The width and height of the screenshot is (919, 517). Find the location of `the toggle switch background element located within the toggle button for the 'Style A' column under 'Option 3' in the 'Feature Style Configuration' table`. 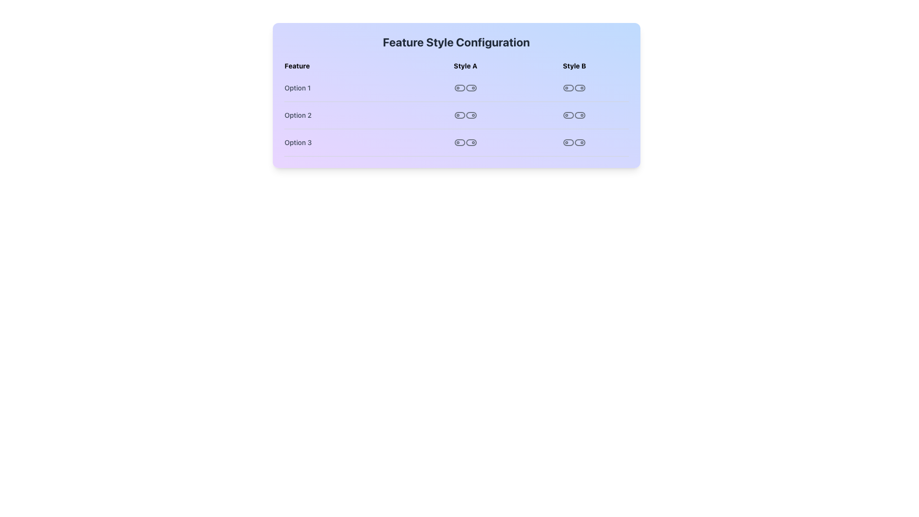

the toggle switch background element located within the toggle button for the 'Style A' column under 'Option 3' in the 'Feature Style Configuration' table is located at coordinates (459, 142).